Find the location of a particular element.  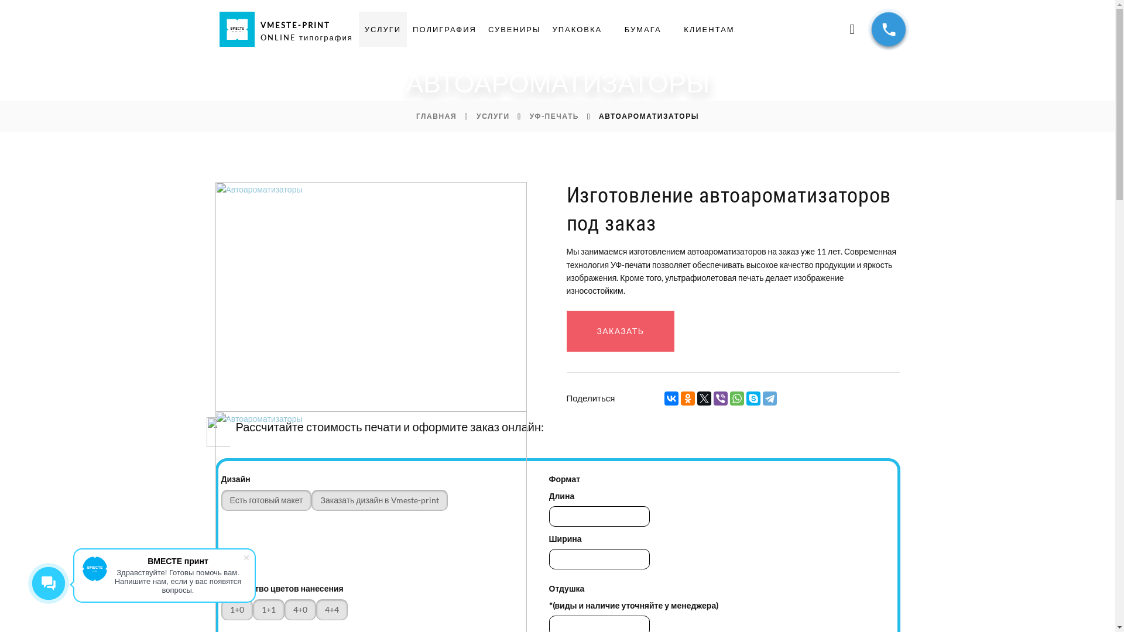

'Telegram' is located at coordinates (770, 398).